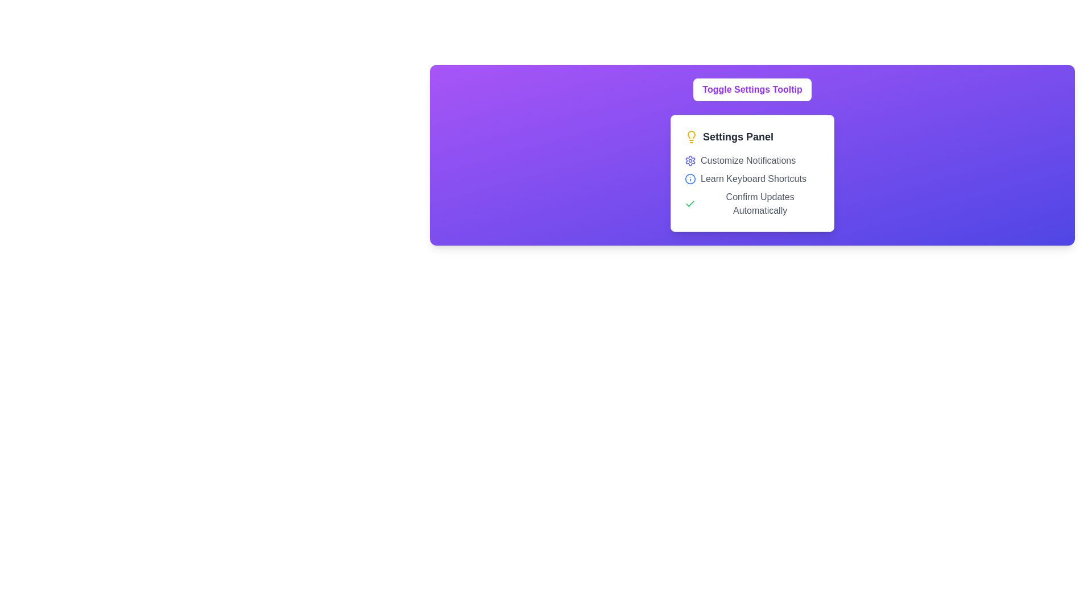  What do you see at coordinates (690, 179) in the screenshot?
I see `the informational icon that precedes the text 'Learn Keyboard Shortcuts' in the Settings Panel` at bounding box center [690, 179].